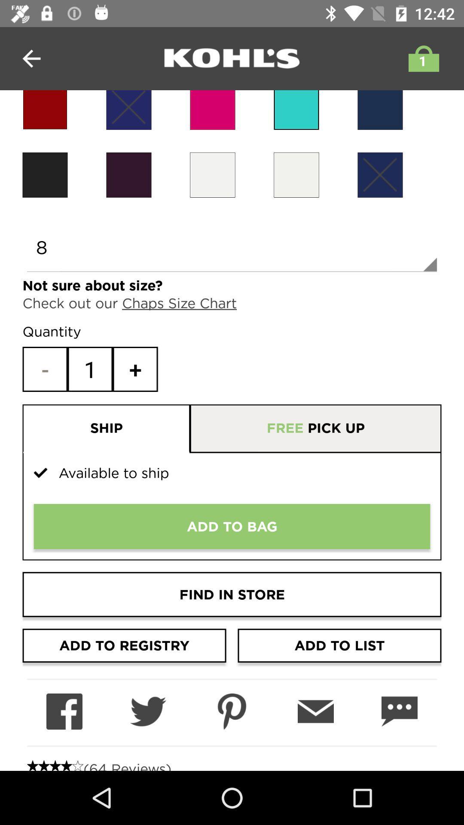 The height and width of the screenshot is (825, 464). Describe the element at coordinates (232, 712) in the screenshot. I see `share on pinterest` at that location.